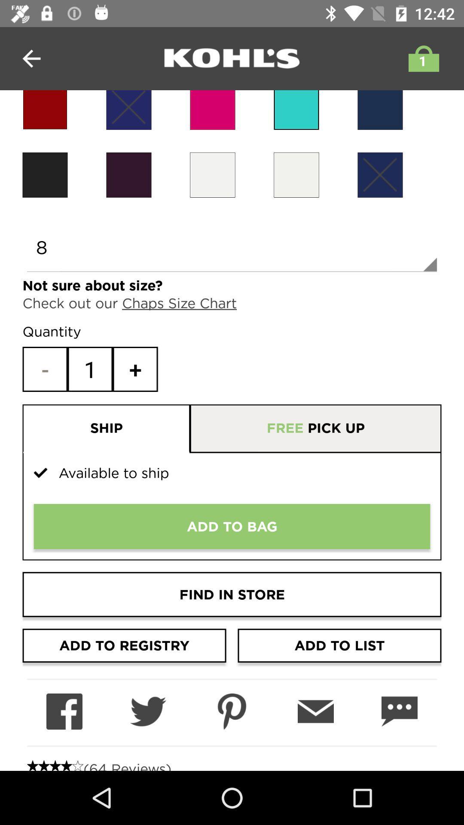 The height and width of the screenshot is (825, 464). Describe the element at coordinates (232, 712) in the screenshot. I see `share on pinterest` at that location.